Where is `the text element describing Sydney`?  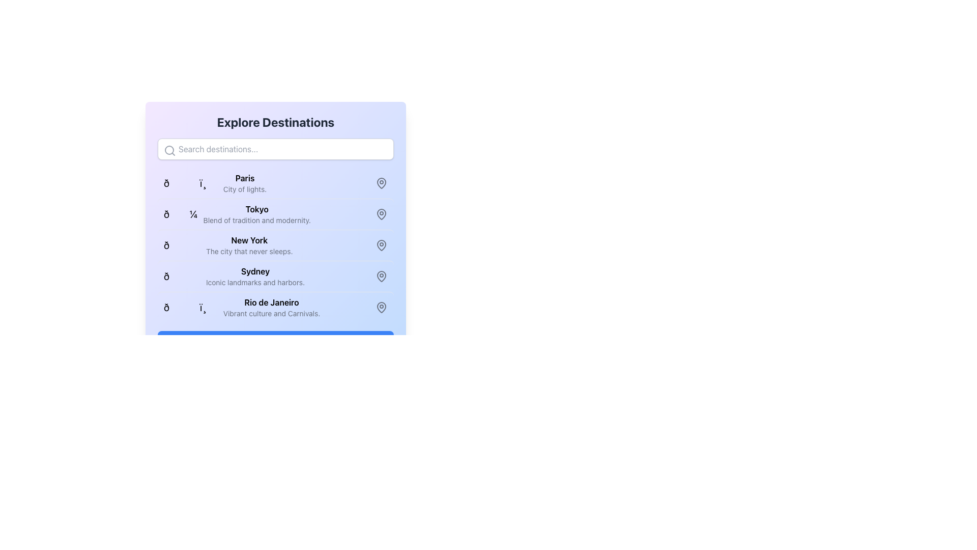
the text element describing Sydney is located at coordinates (255, 277).